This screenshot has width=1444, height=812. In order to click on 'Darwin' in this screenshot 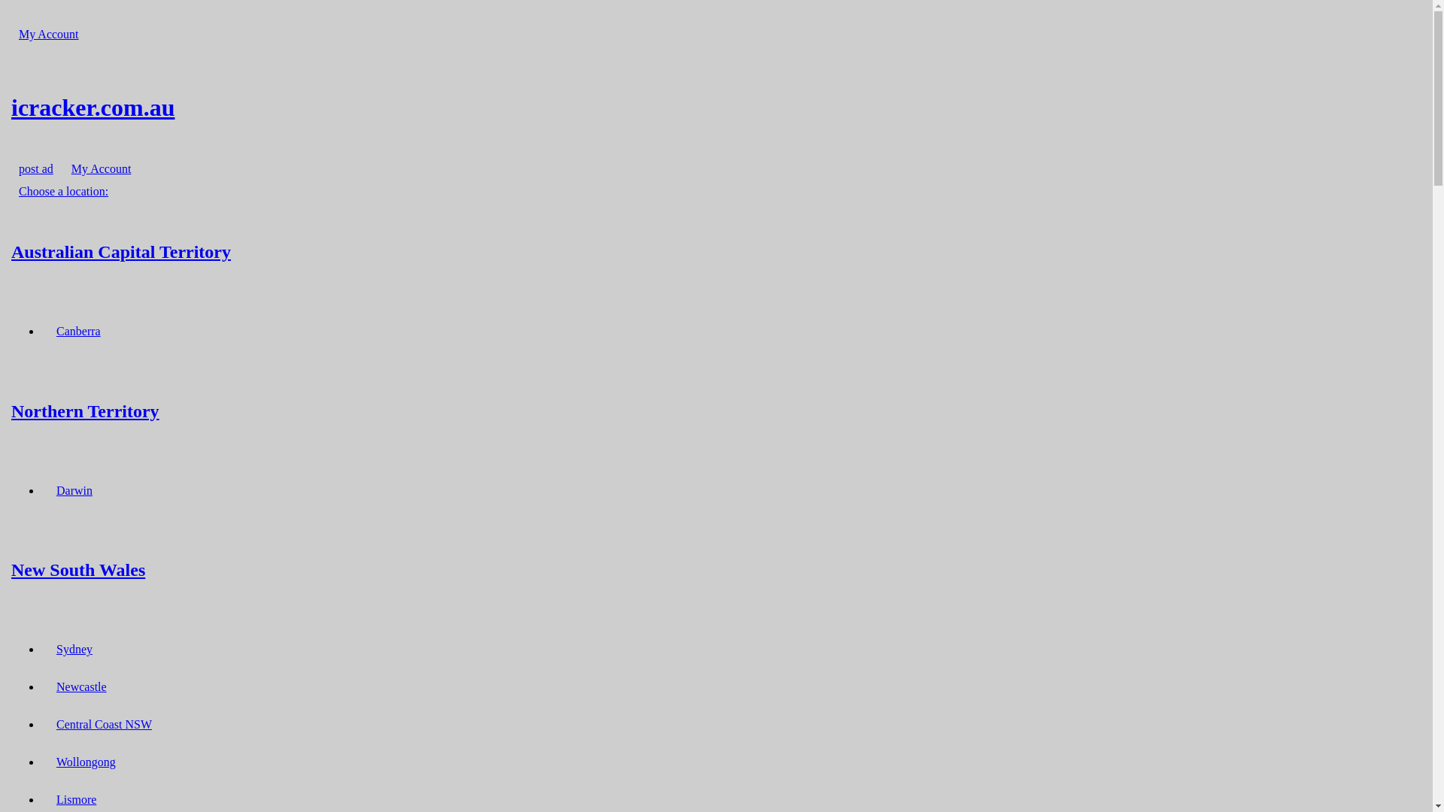, I will do `click(49, 490)`.